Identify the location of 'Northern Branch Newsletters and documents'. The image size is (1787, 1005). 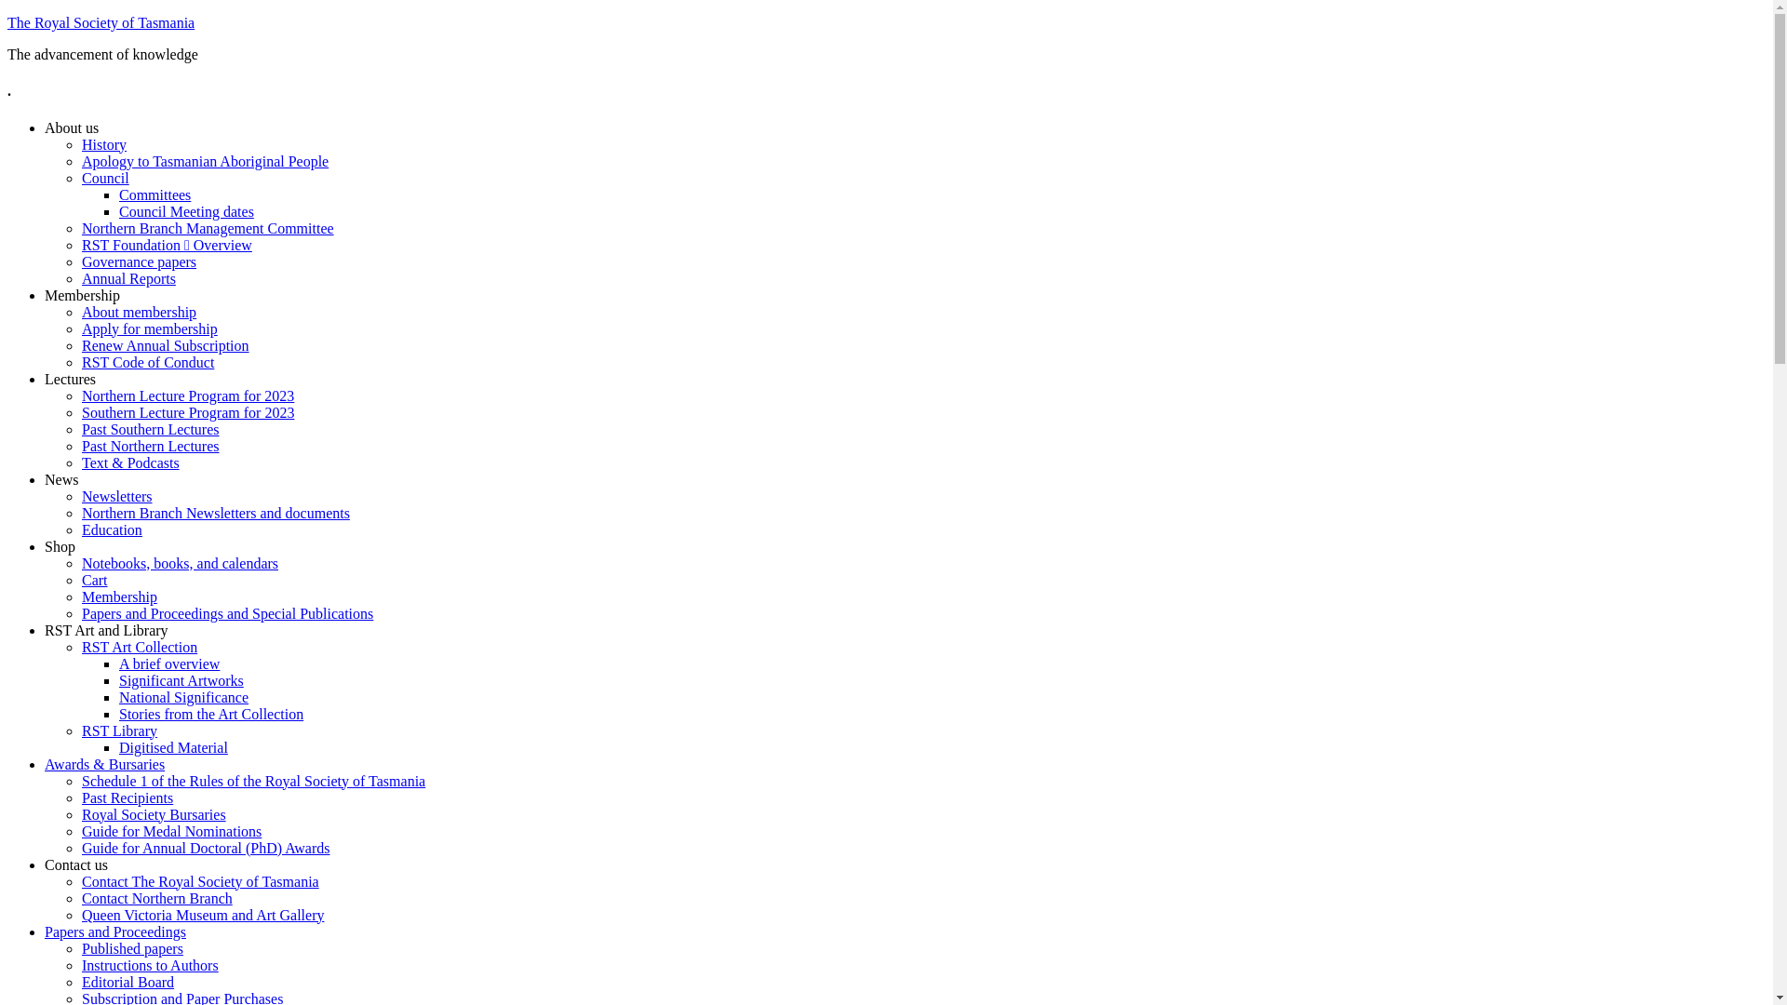
(215, 513).